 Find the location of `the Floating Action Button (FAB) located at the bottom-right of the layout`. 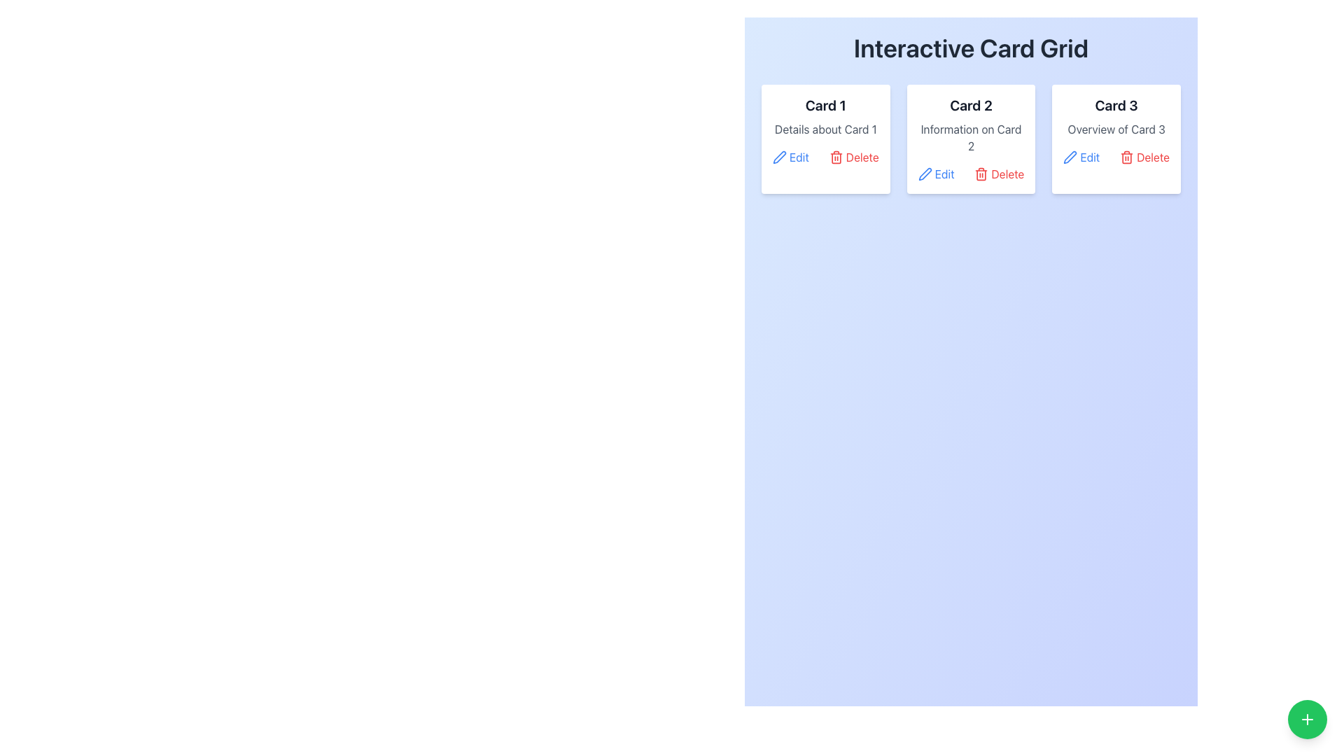

the Floating Action Button (FAB) located at the bottom-right of the layout is located at coordinates (1306, 720).